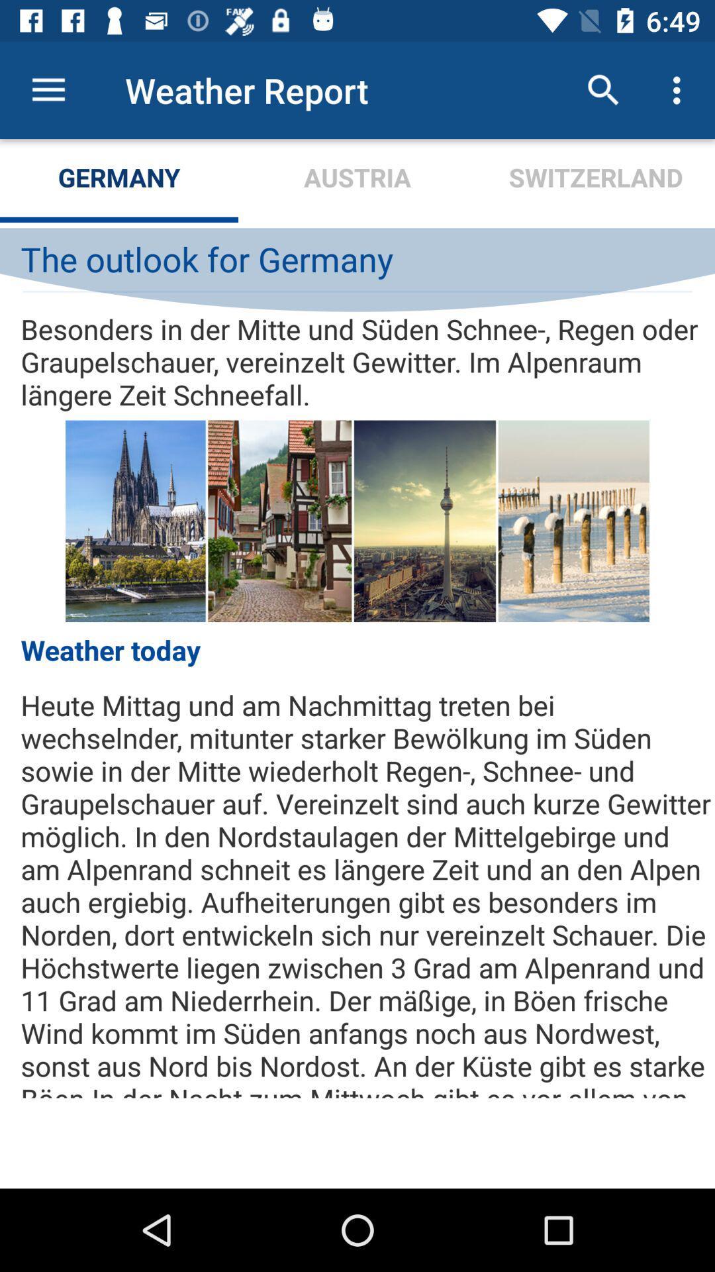 This screenshot has width=715, height=1272. I want to click on icon below the heute mittag und icon, so click(358, 1144).